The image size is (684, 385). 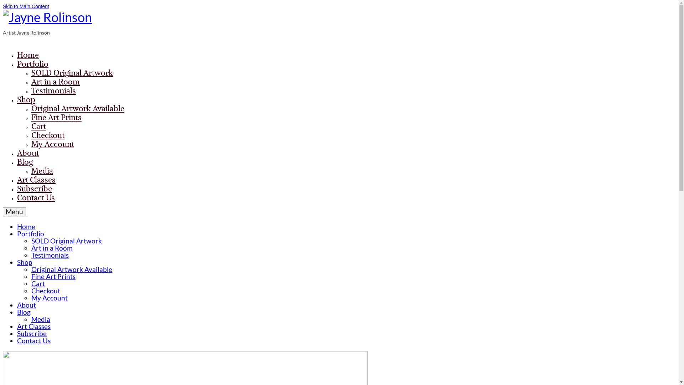 I want to click on 'Original Artwork Available', so click(x=31, y=108).